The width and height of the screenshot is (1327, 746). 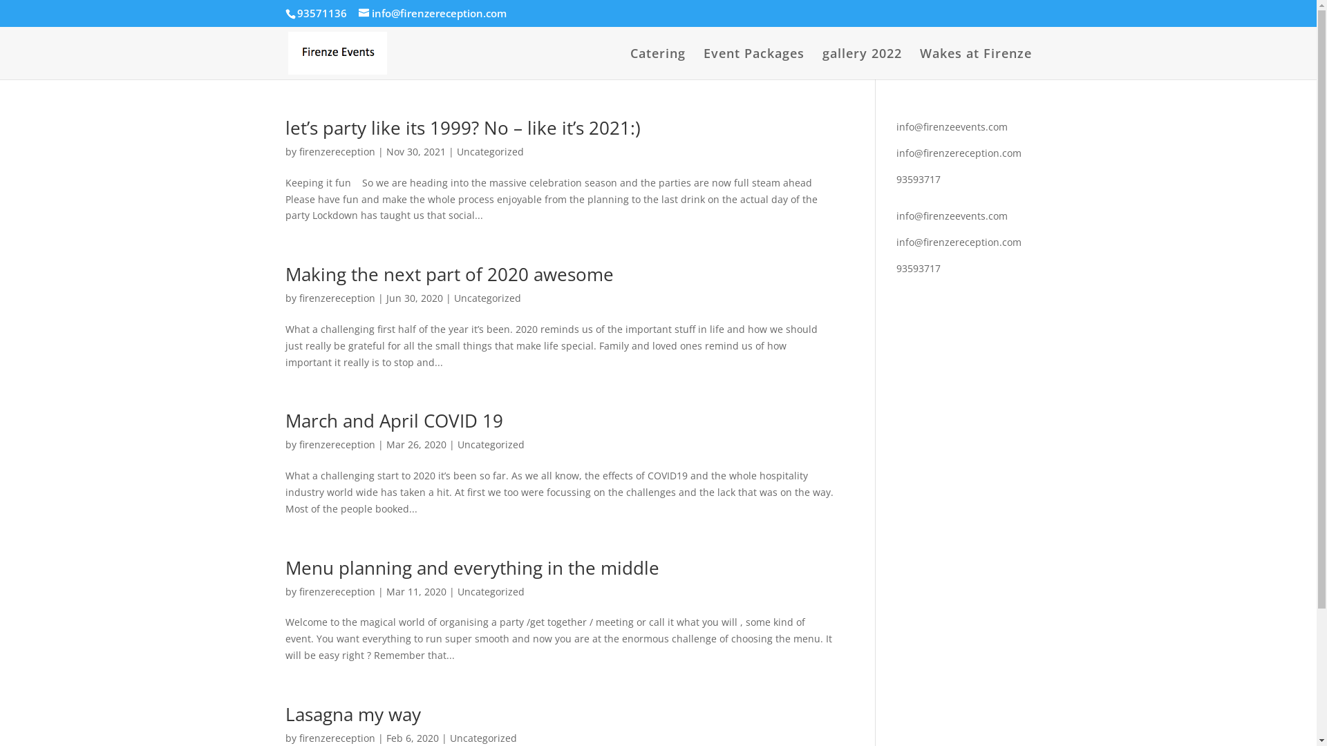 What do you see at coordinates (861, 64) in the screenshot?
I see `'gallery 2022'` at bounding box center [861, 64].